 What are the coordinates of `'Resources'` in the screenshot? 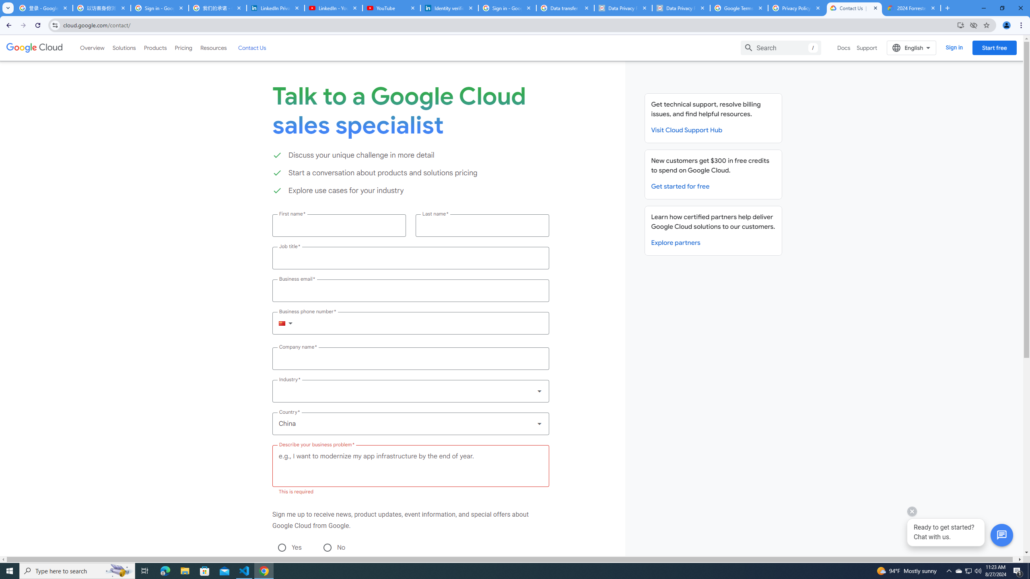 It's located at (213, 47).